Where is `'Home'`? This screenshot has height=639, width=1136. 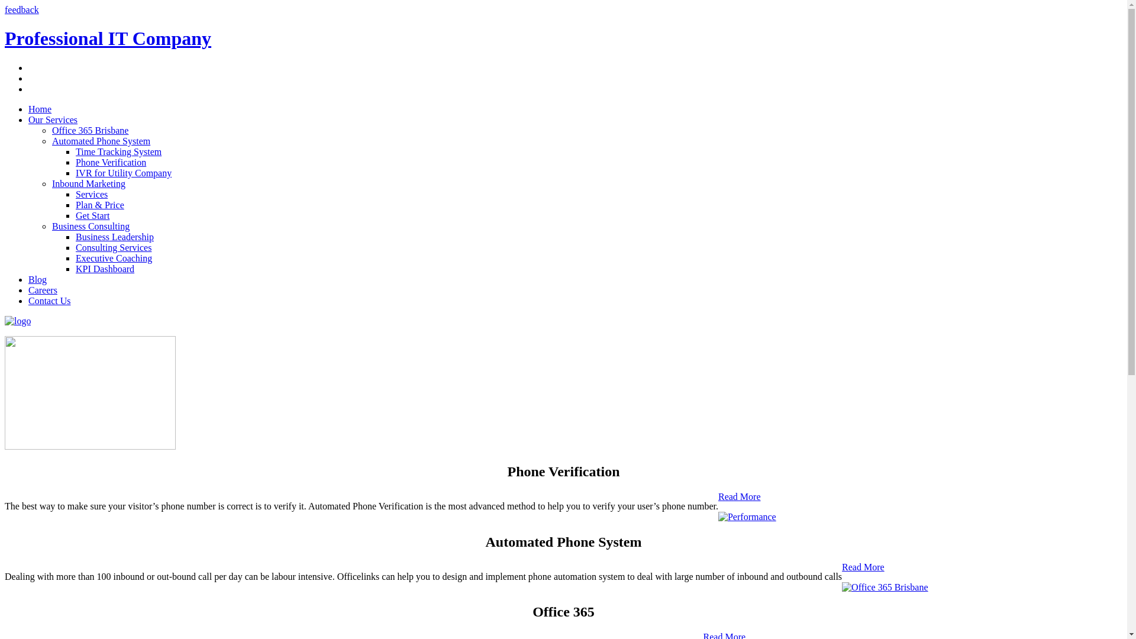
'Home' is located at coordinates (40, 109).